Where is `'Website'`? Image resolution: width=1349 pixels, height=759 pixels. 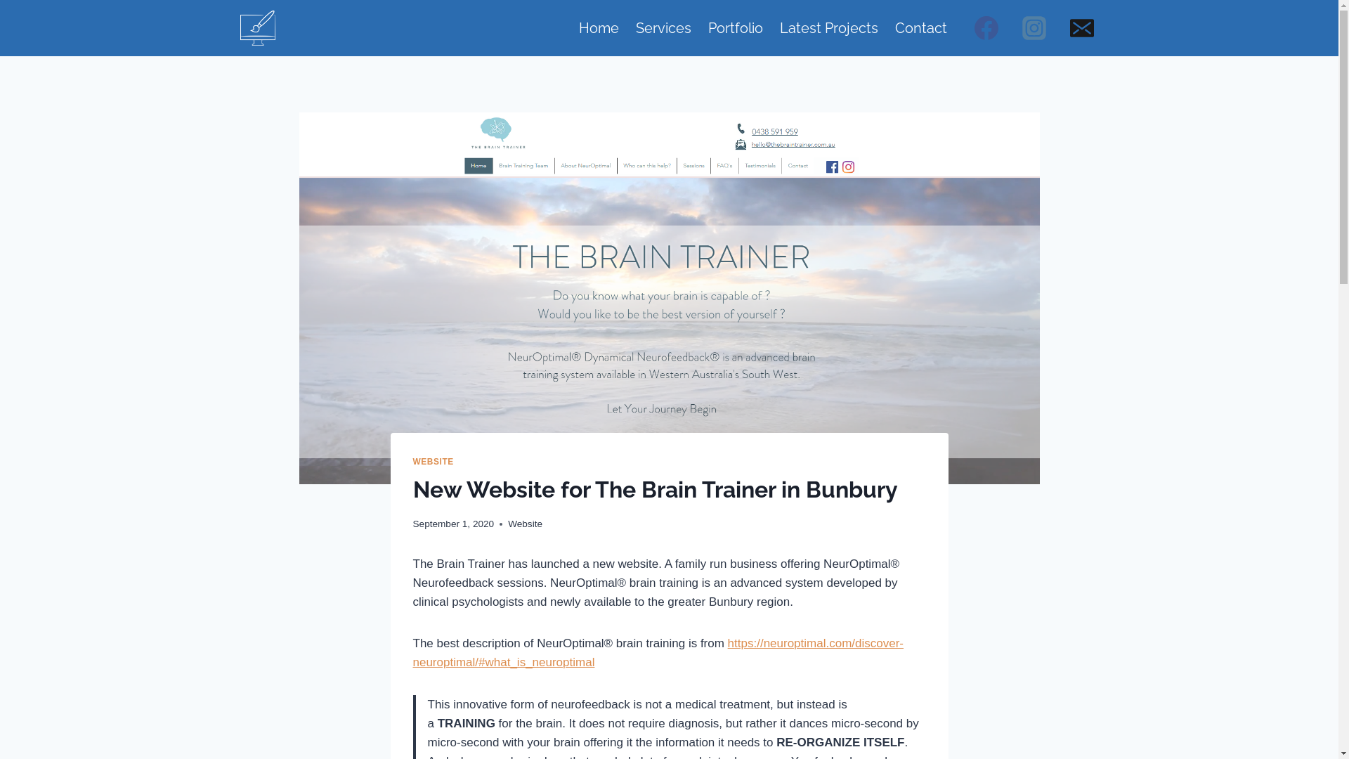 'Website' is located at coordinates (507, 524).